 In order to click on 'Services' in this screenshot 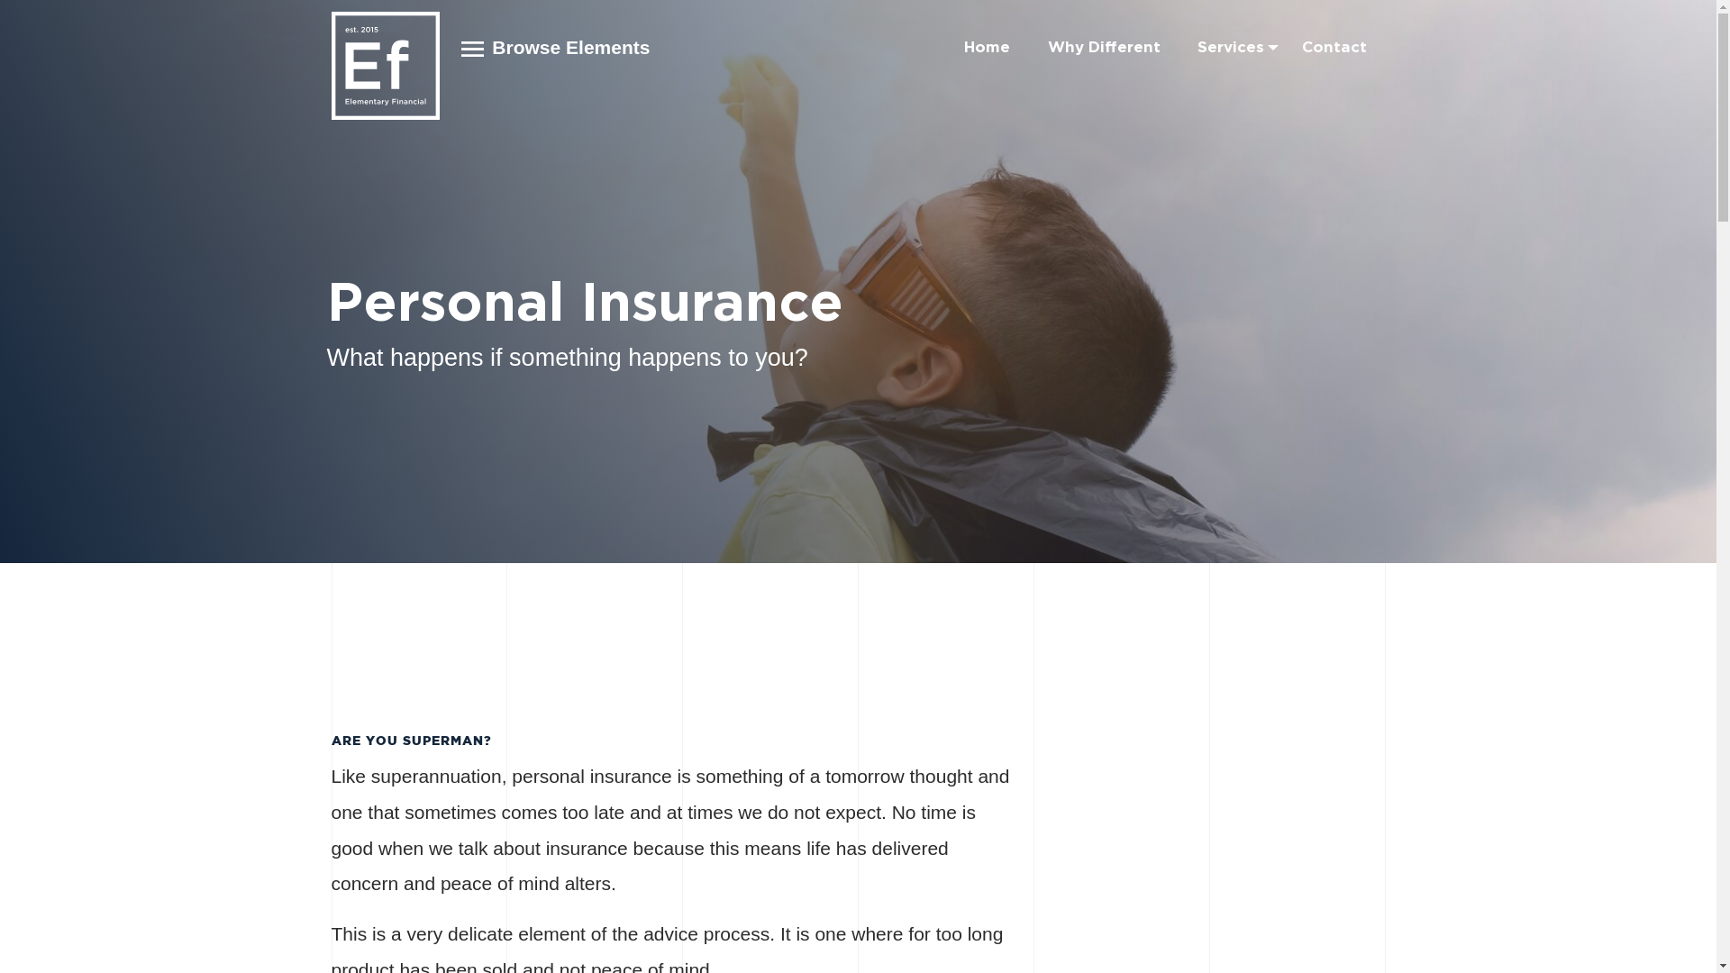, I will do `click(1230, 46)`.